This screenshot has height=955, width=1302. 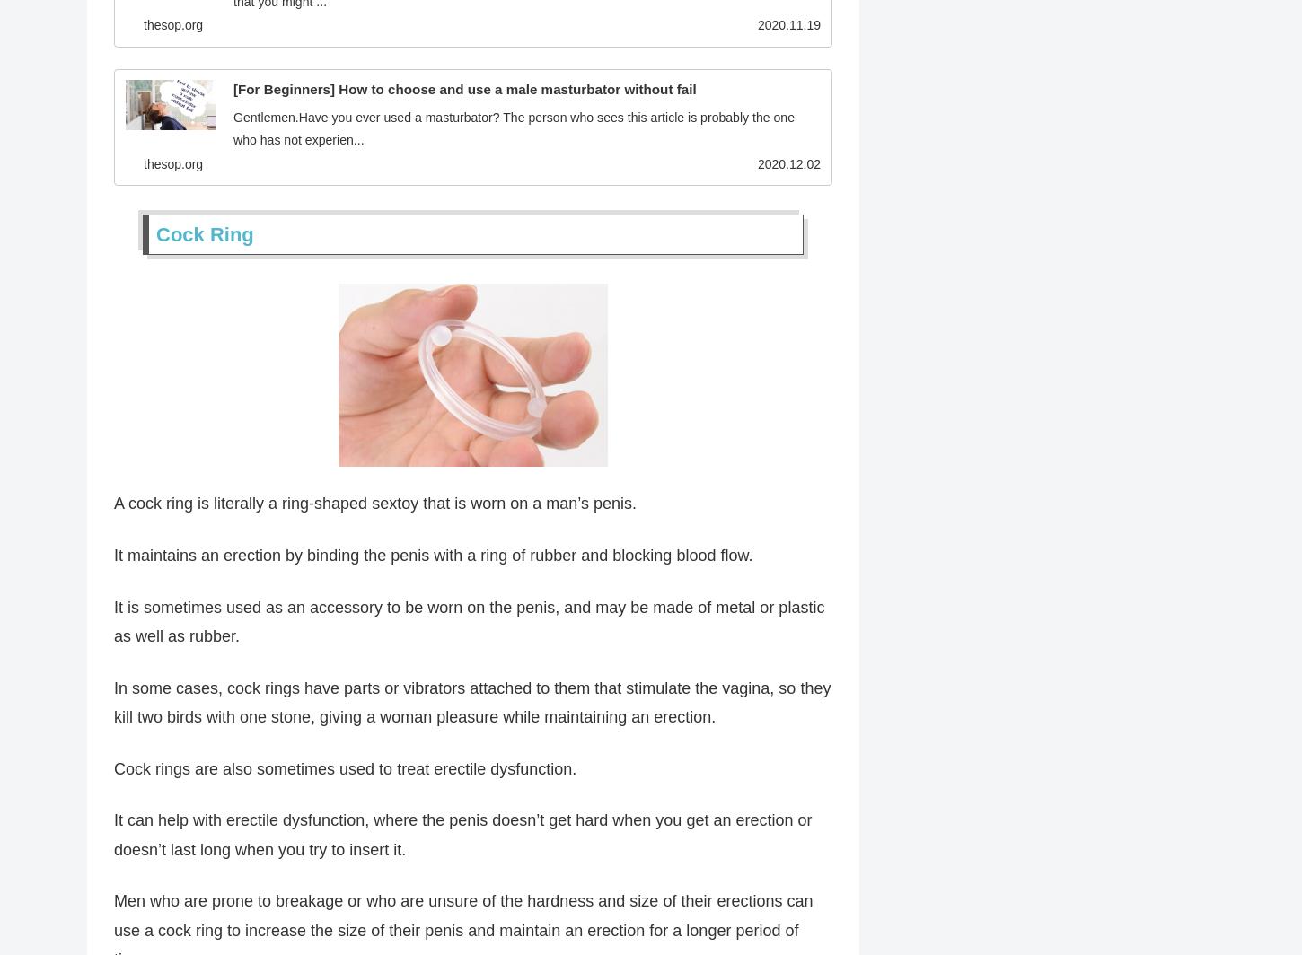 I want to click on 'In some cases, cock rings have parts or vibrators attached to them that stimulate the vagina, so they kill two birds with one stone, giving a woman pleasure while maintaining an erection.', so click(x=113, y=705).